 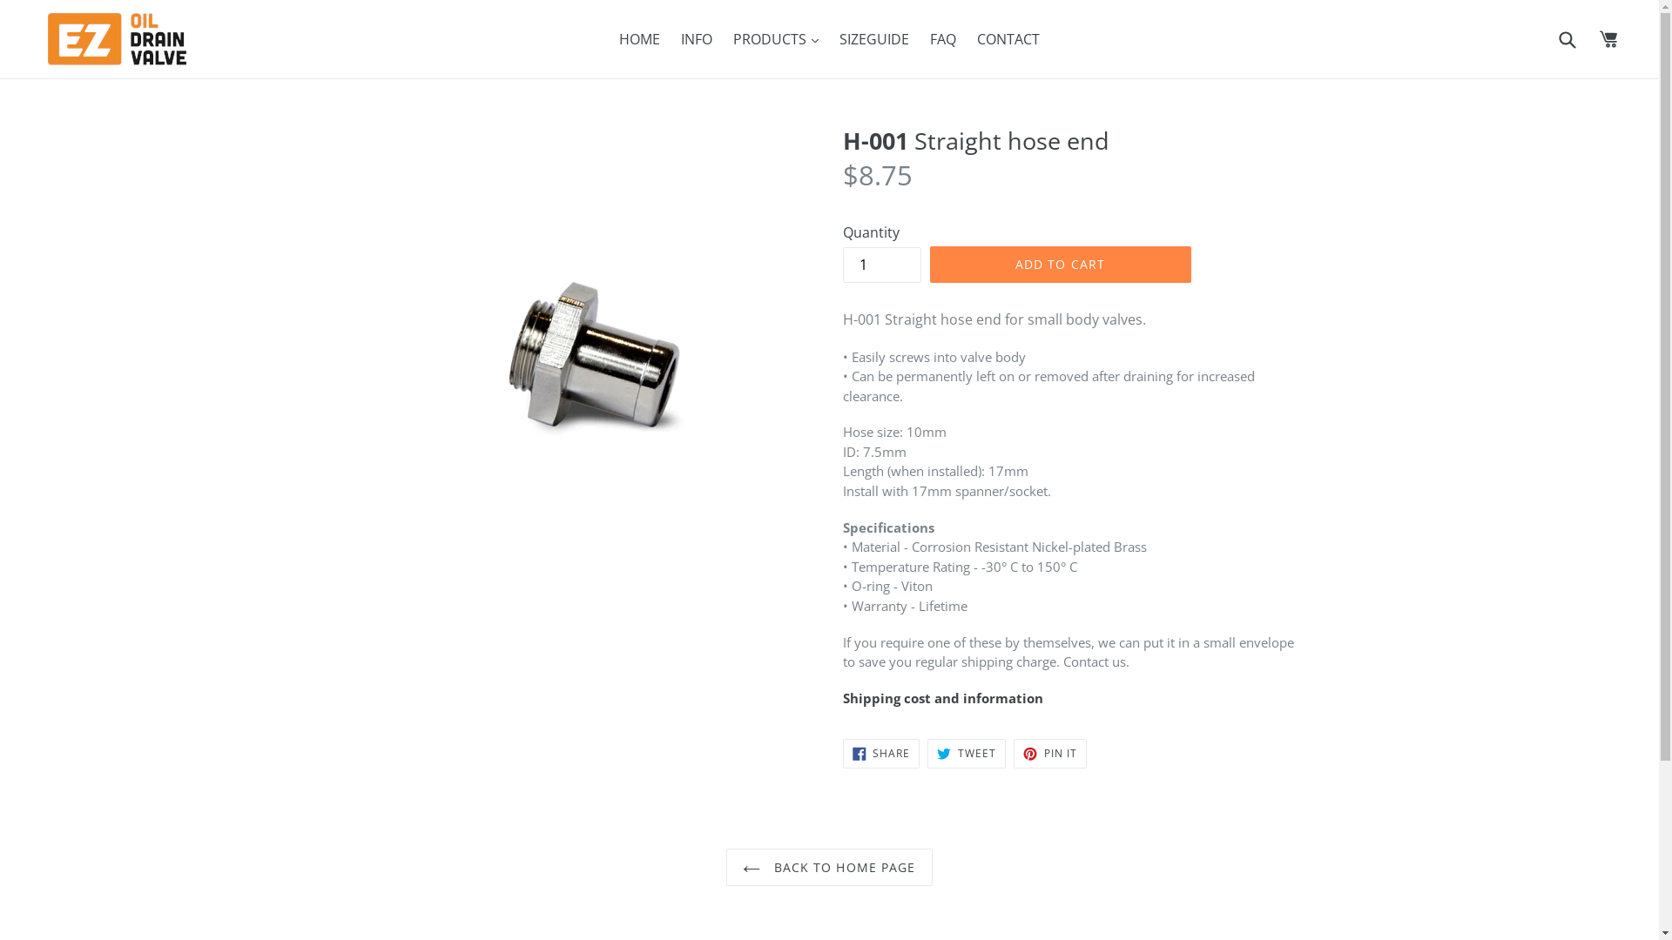 What do you see at coordinates (1608, 39) in the screenshot?
I see `'Cart` at bounding box center [1608, 39].